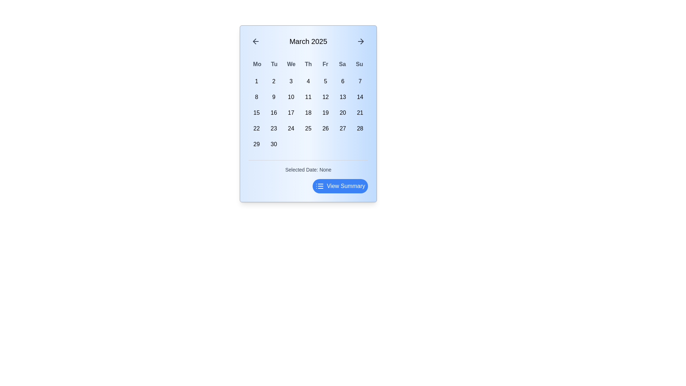 Image resolution: width=686 pixels, height=386 pixels. What do you see at coordinates (340, 185) in the screenshot?
I see `the button located in the bottom-right corner of the calendar interface` at bounding box center [340, 185].